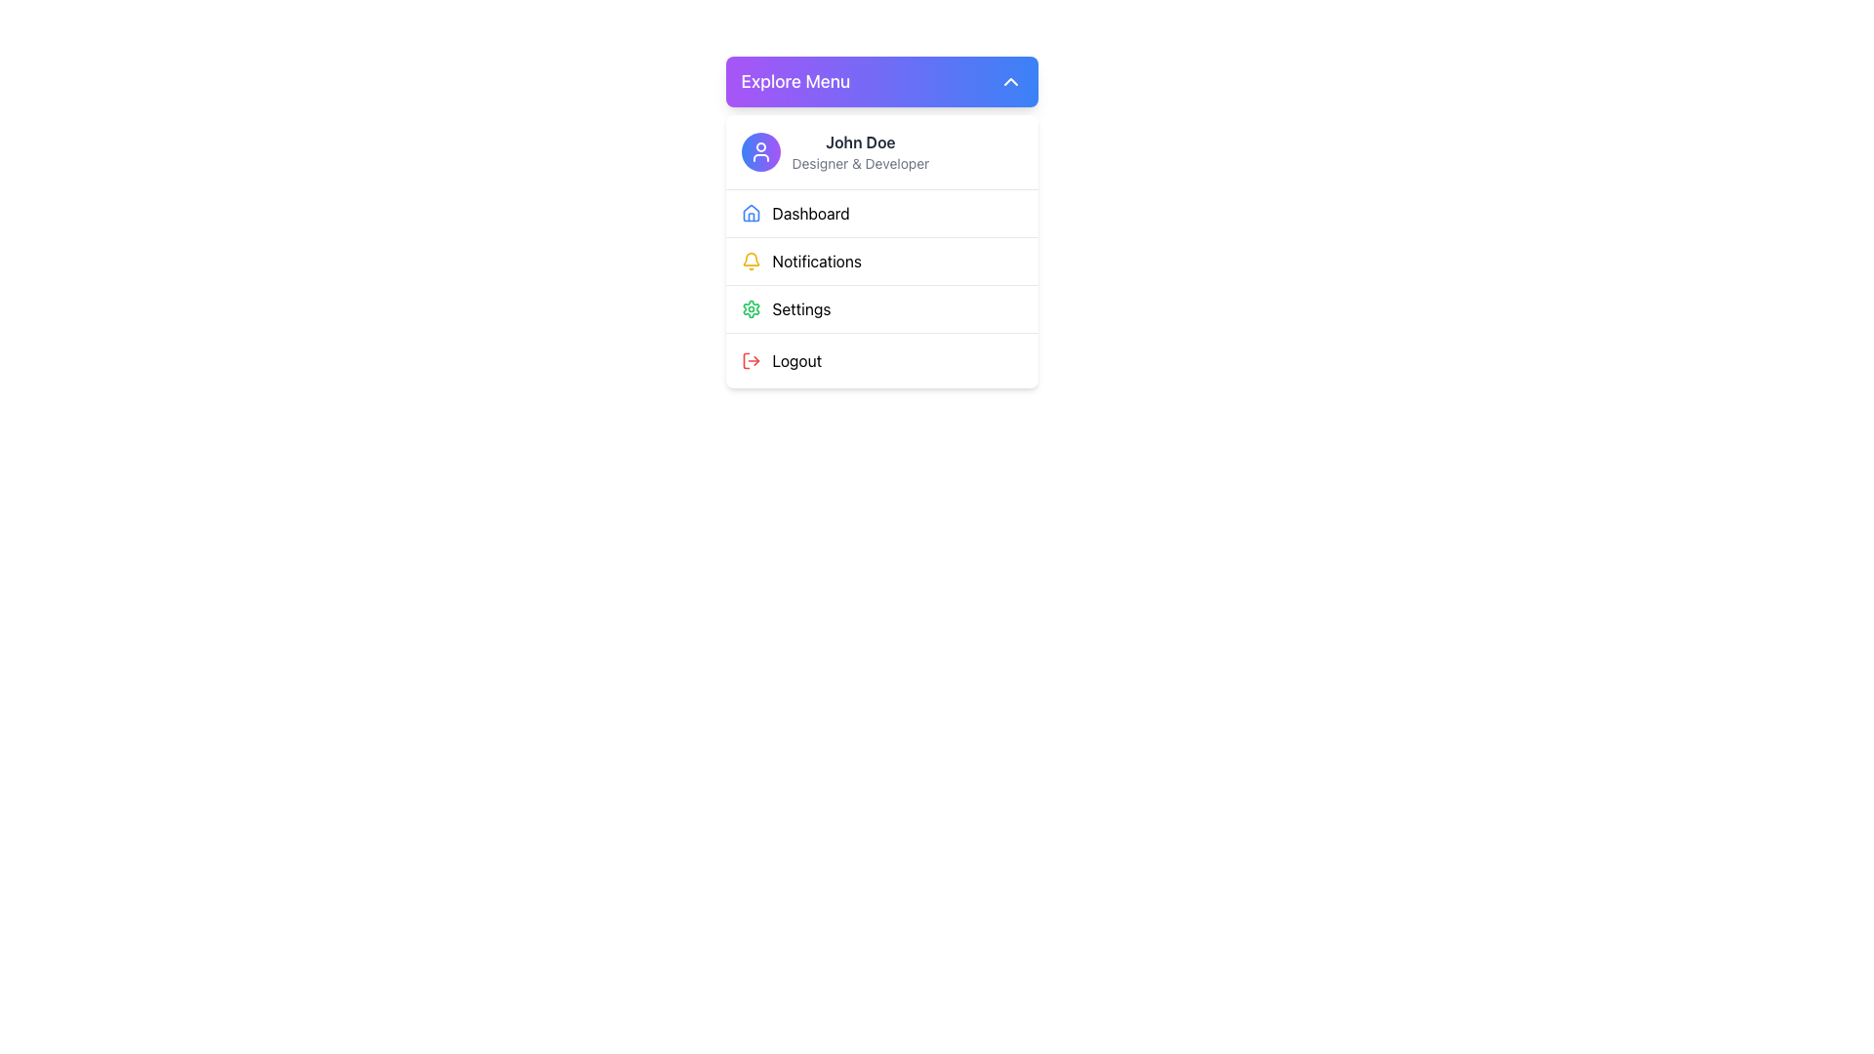  What do you see at coordinates (859, 150) in the screenshot?
I see `the text block displaying 'John Doe' and the subtitle 'Designer & Developer' in the sidebar under the 'Explore Menu' header` at bounding box center [859, 150].